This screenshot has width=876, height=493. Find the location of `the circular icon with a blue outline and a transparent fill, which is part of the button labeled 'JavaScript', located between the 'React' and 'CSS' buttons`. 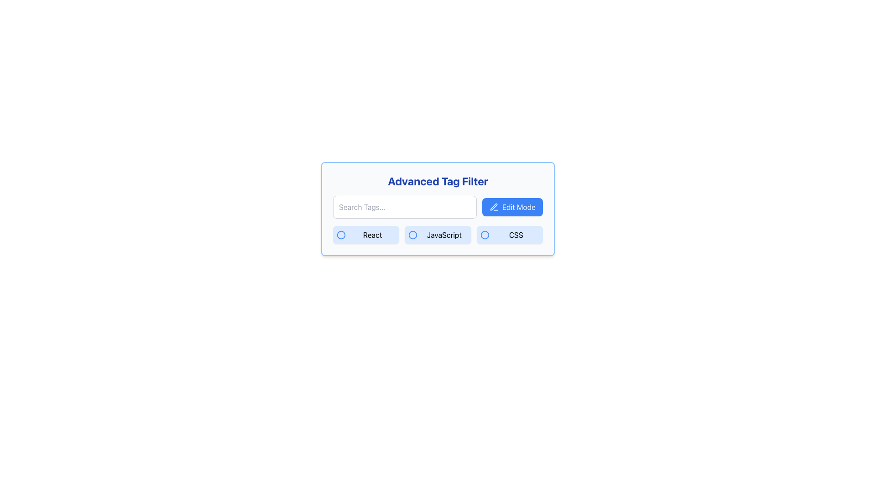

the circular icon with a blue outline and a transparent fill, which is part of the button labeled 'JavaScript', located between the 'React' and 'CSS' buttons is located at coordinates (412, 235).